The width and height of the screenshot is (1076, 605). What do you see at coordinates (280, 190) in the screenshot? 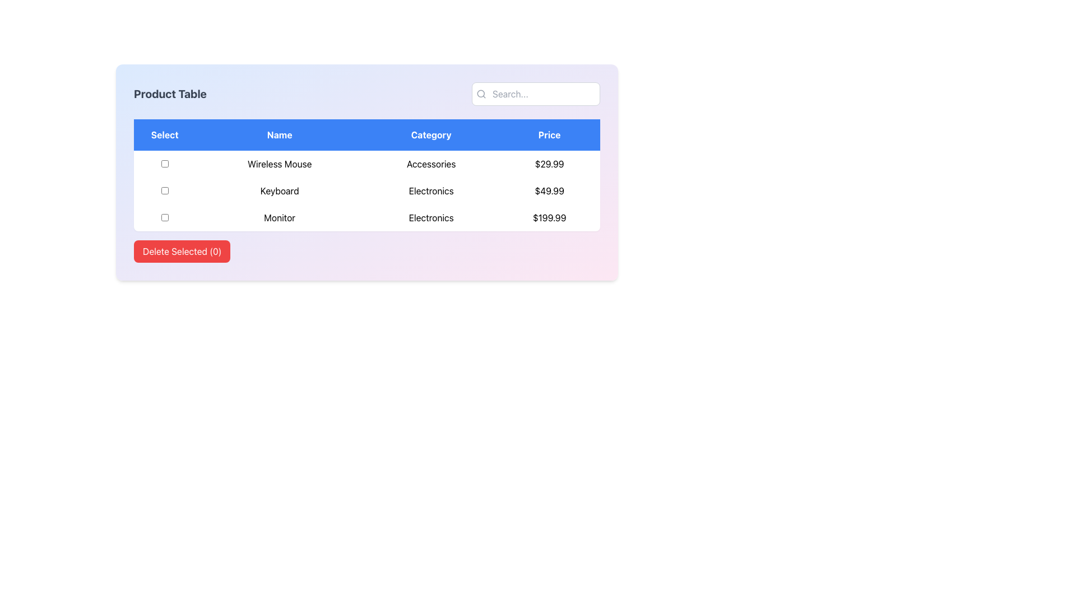
I see `the 'Keyboard' product name label in the second row of the table, which is positioned next to the checkbox in the 'Select' column and before the 'Category' column displaying 'Electronics'` at bounding box center [280, 190].